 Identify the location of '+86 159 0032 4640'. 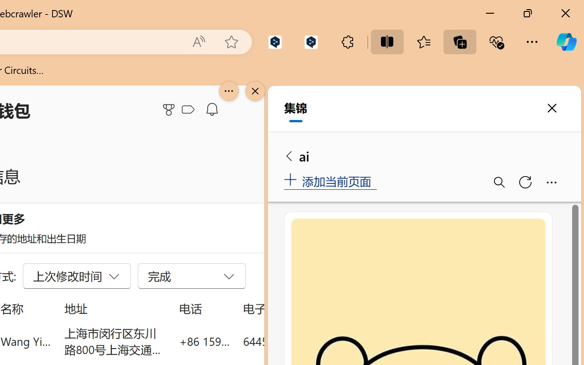
(204, 341).